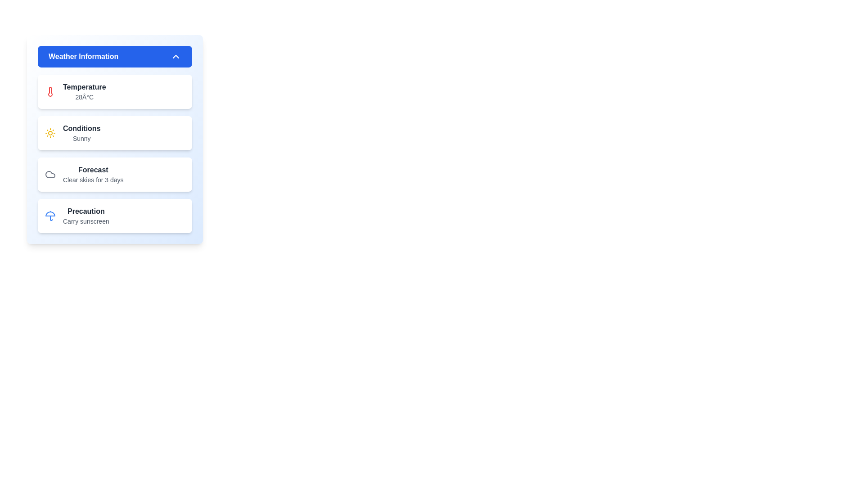 This screenshot has height=486, width=864. Describe the element at coordinates (49, 213) in the screenshot. I see `the top segment of the blue tinted graphical icon representing an umbrella, located within the fourth card titled 'Precaution' in the interface` at that location.